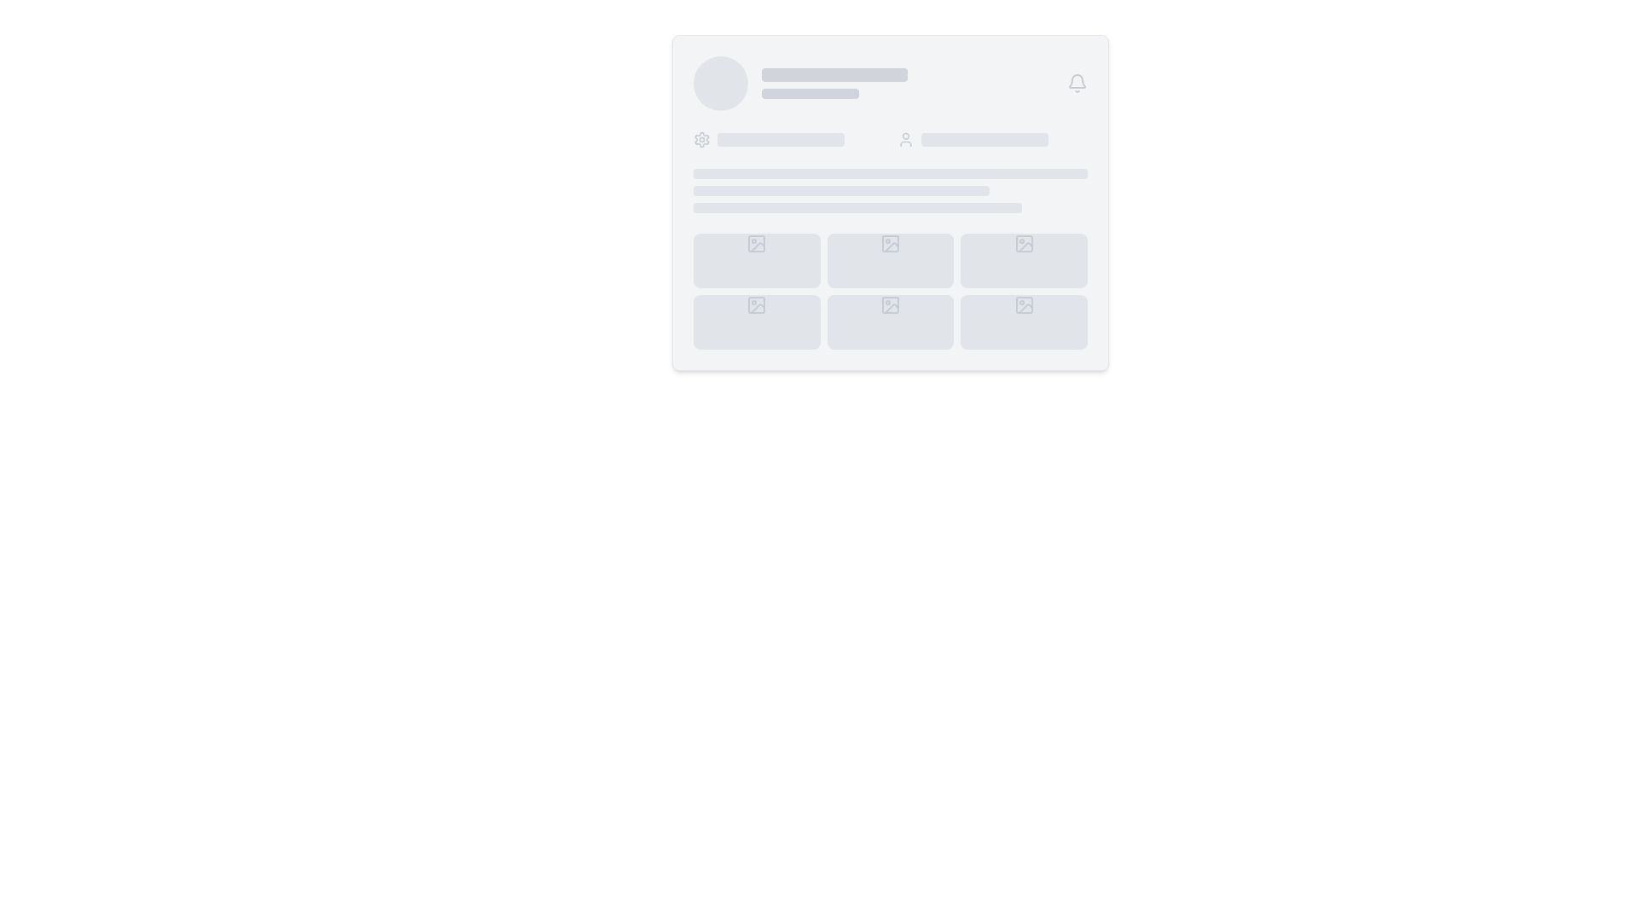  I want to click on the light gray decorative bar located near the top of the interface, immediately beneath the circular profile area, so click(834, 74).